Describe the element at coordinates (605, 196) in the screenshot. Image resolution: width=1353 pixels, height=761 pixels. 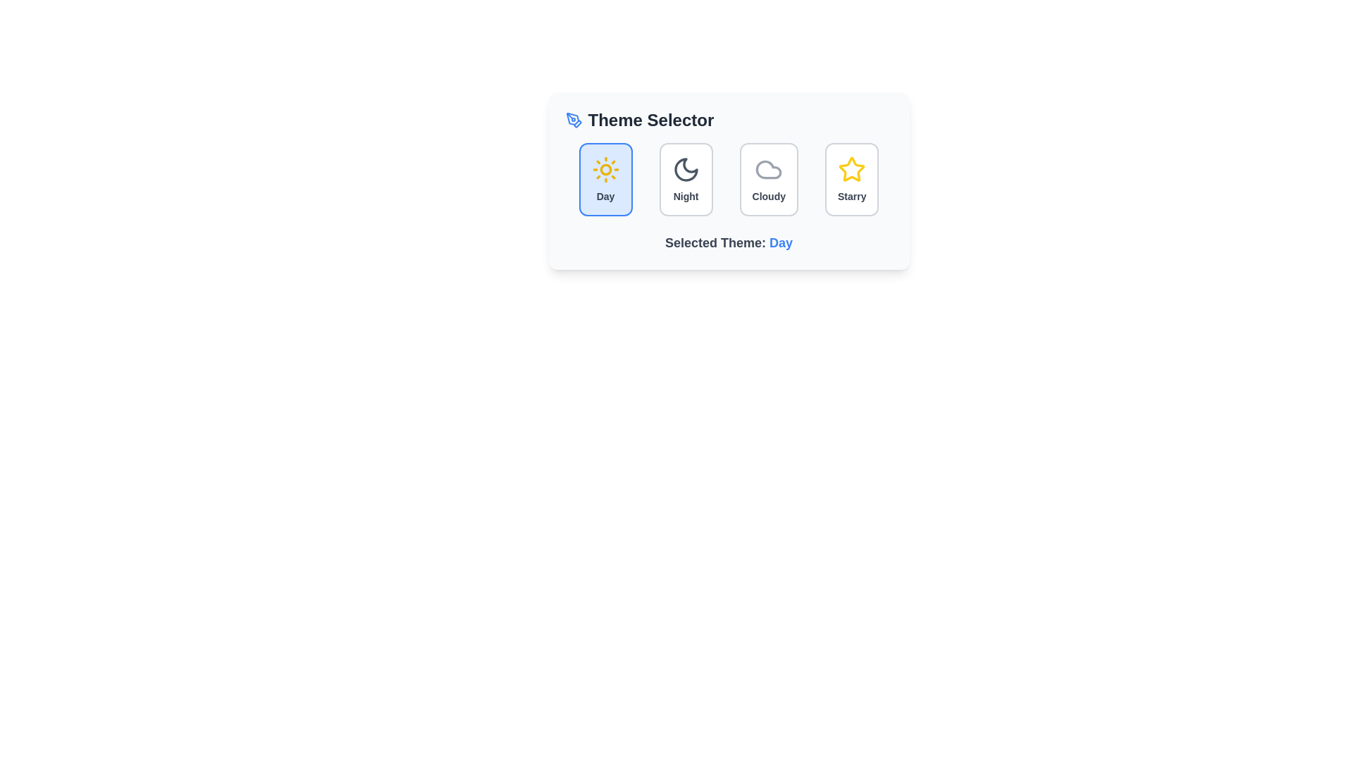
I see `the text label that reads 'Day', which is displayed in a medium-sized, bold gray font below a sun icon within a rectangular card` at that location.